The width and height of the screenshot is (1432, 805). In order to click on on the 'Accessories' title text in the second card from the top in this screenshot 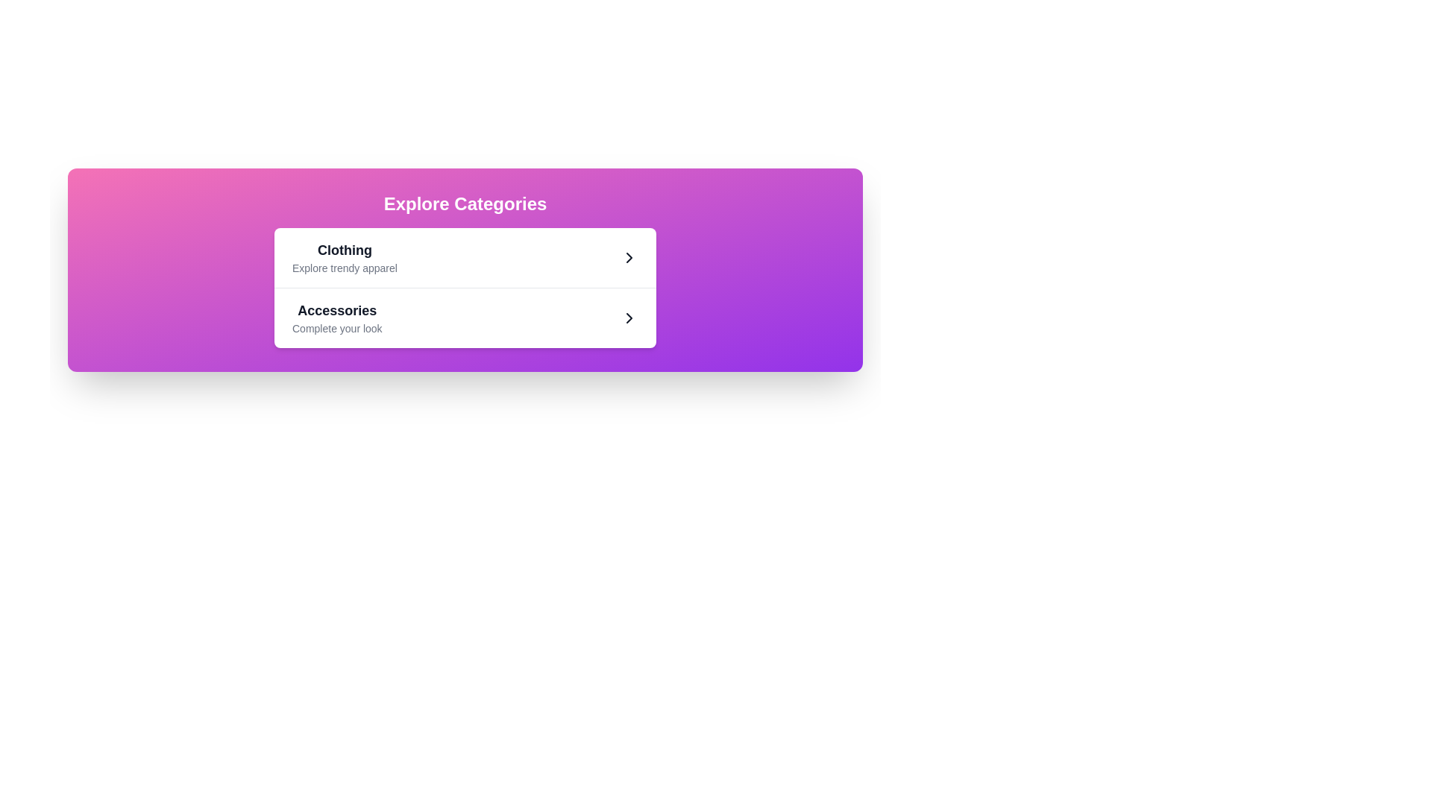, I will do `click(336, 309)`.